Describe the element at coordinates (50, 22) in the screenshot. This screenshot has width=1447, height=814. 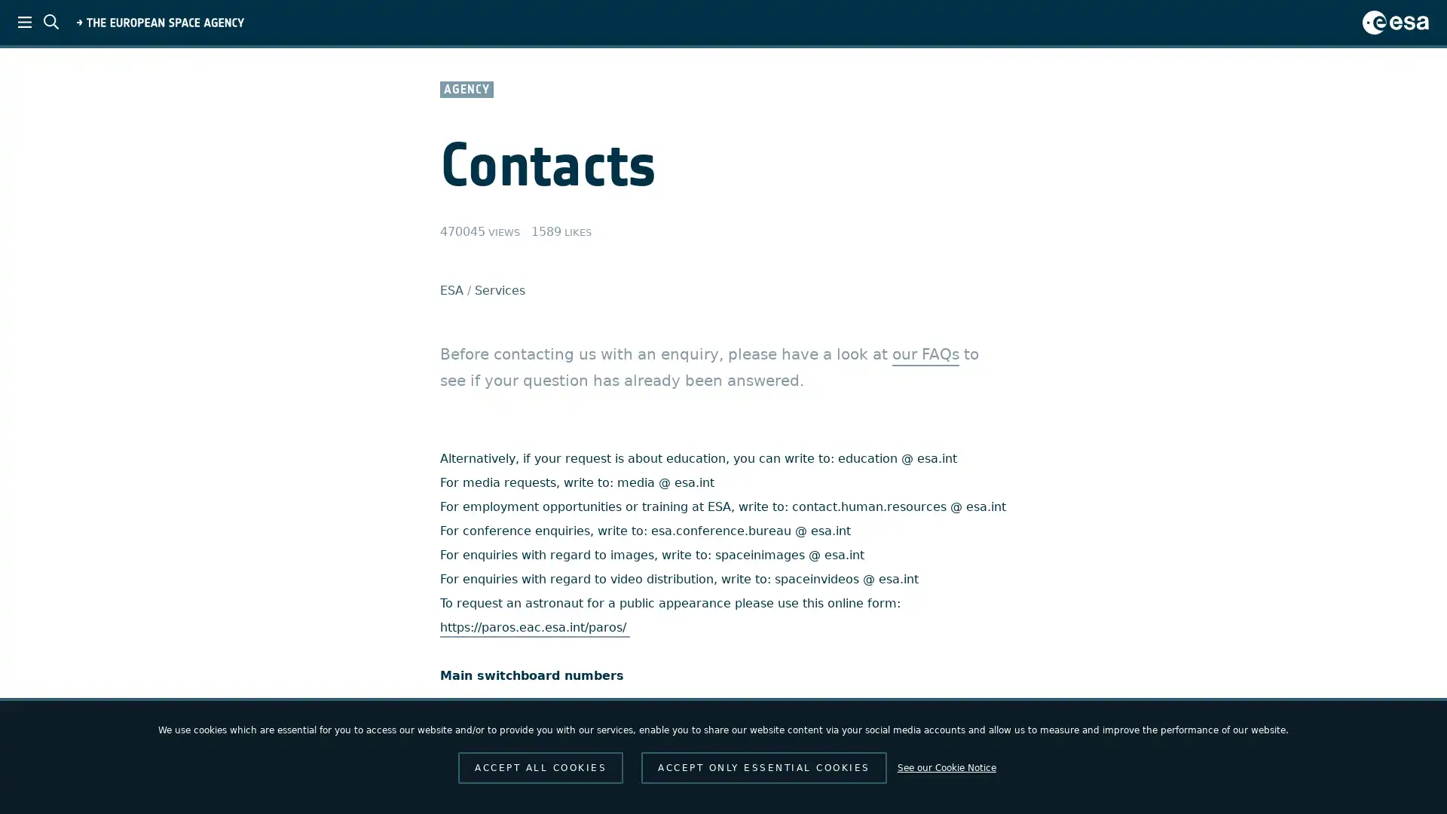
I see `ESA search toggle` at that location.